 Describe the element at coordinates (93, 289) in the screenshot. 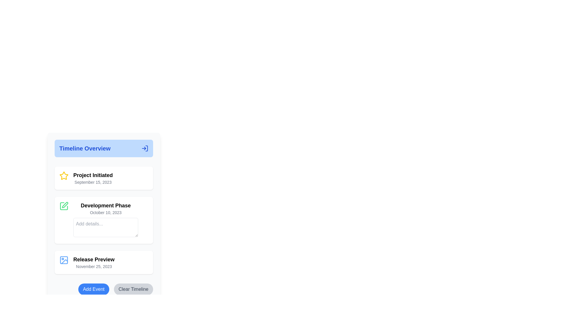

I see `the blue rectangular button labeled 'Add Event' for accessibility interactions` at that location.